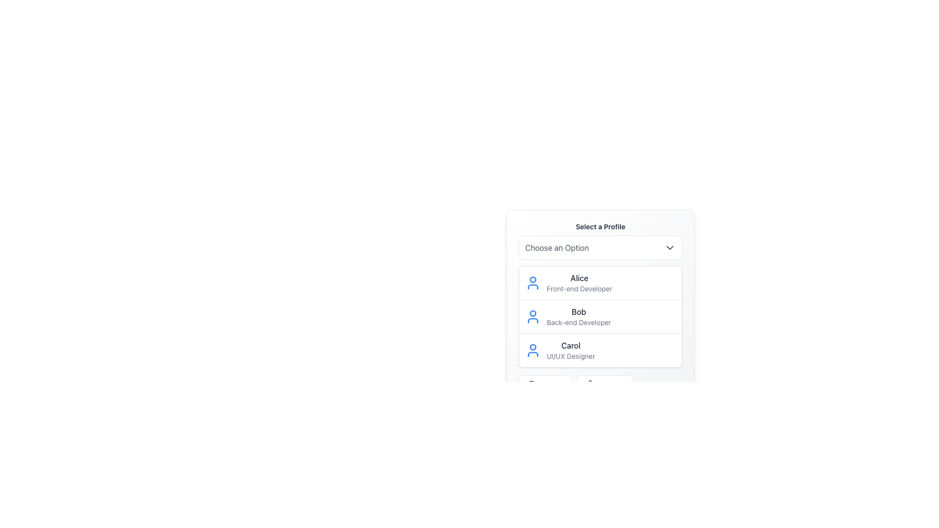  I want to click on the circular sub-component of the user profile icon for 'Carol', which is the third entry in the vertical list, so click(532, 346).